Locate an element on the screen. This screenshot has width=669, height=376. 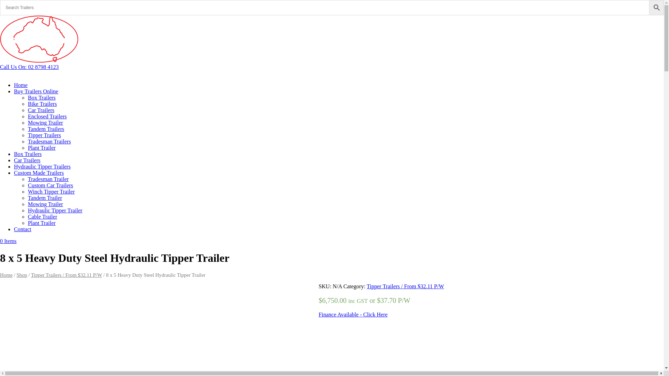
'Enclosed Trailers' is located at coordinates (47, 116).